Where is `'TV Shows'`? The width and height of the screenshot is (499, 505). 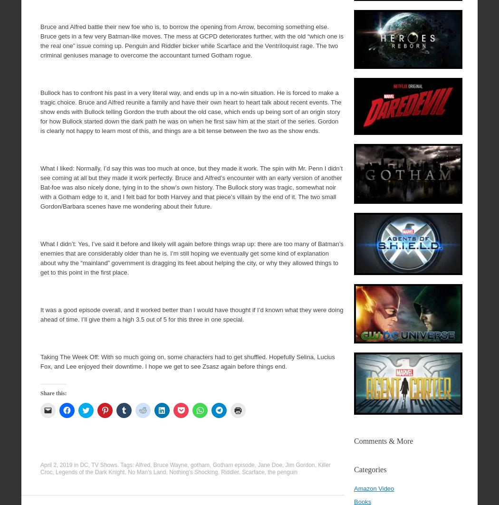 'TV Shows' is located at coordinates (104, 464).